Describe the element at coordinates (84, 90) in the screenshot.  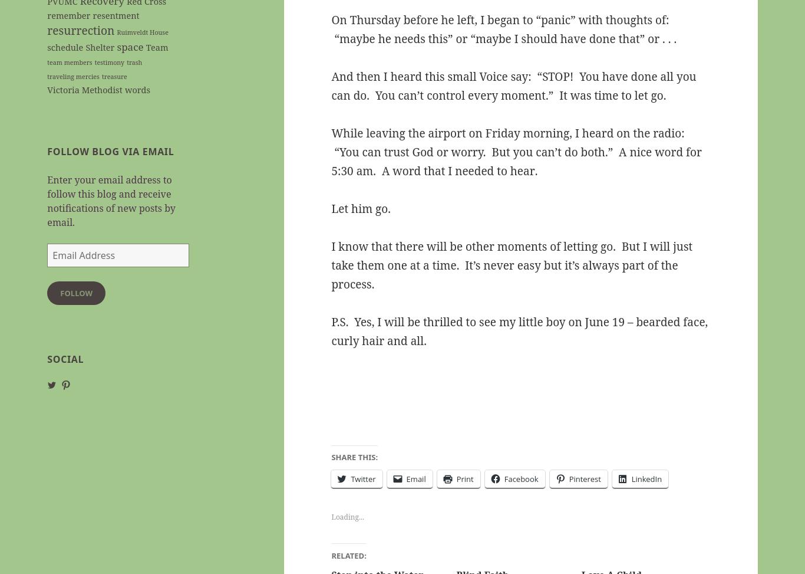
I see `'Victoria Methodist'` at that location.